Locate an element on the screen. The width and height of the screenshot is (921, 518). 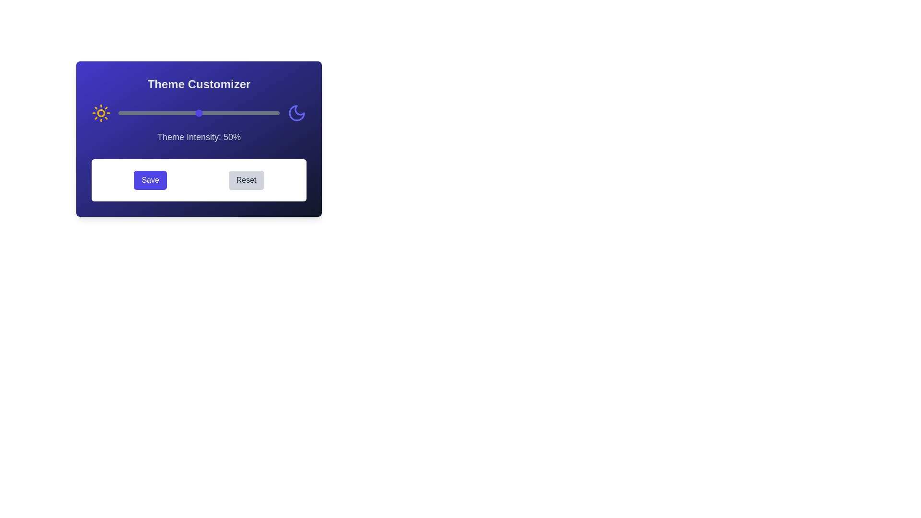
the theme intensity slider to 44% is located at coordinates (189, 112).